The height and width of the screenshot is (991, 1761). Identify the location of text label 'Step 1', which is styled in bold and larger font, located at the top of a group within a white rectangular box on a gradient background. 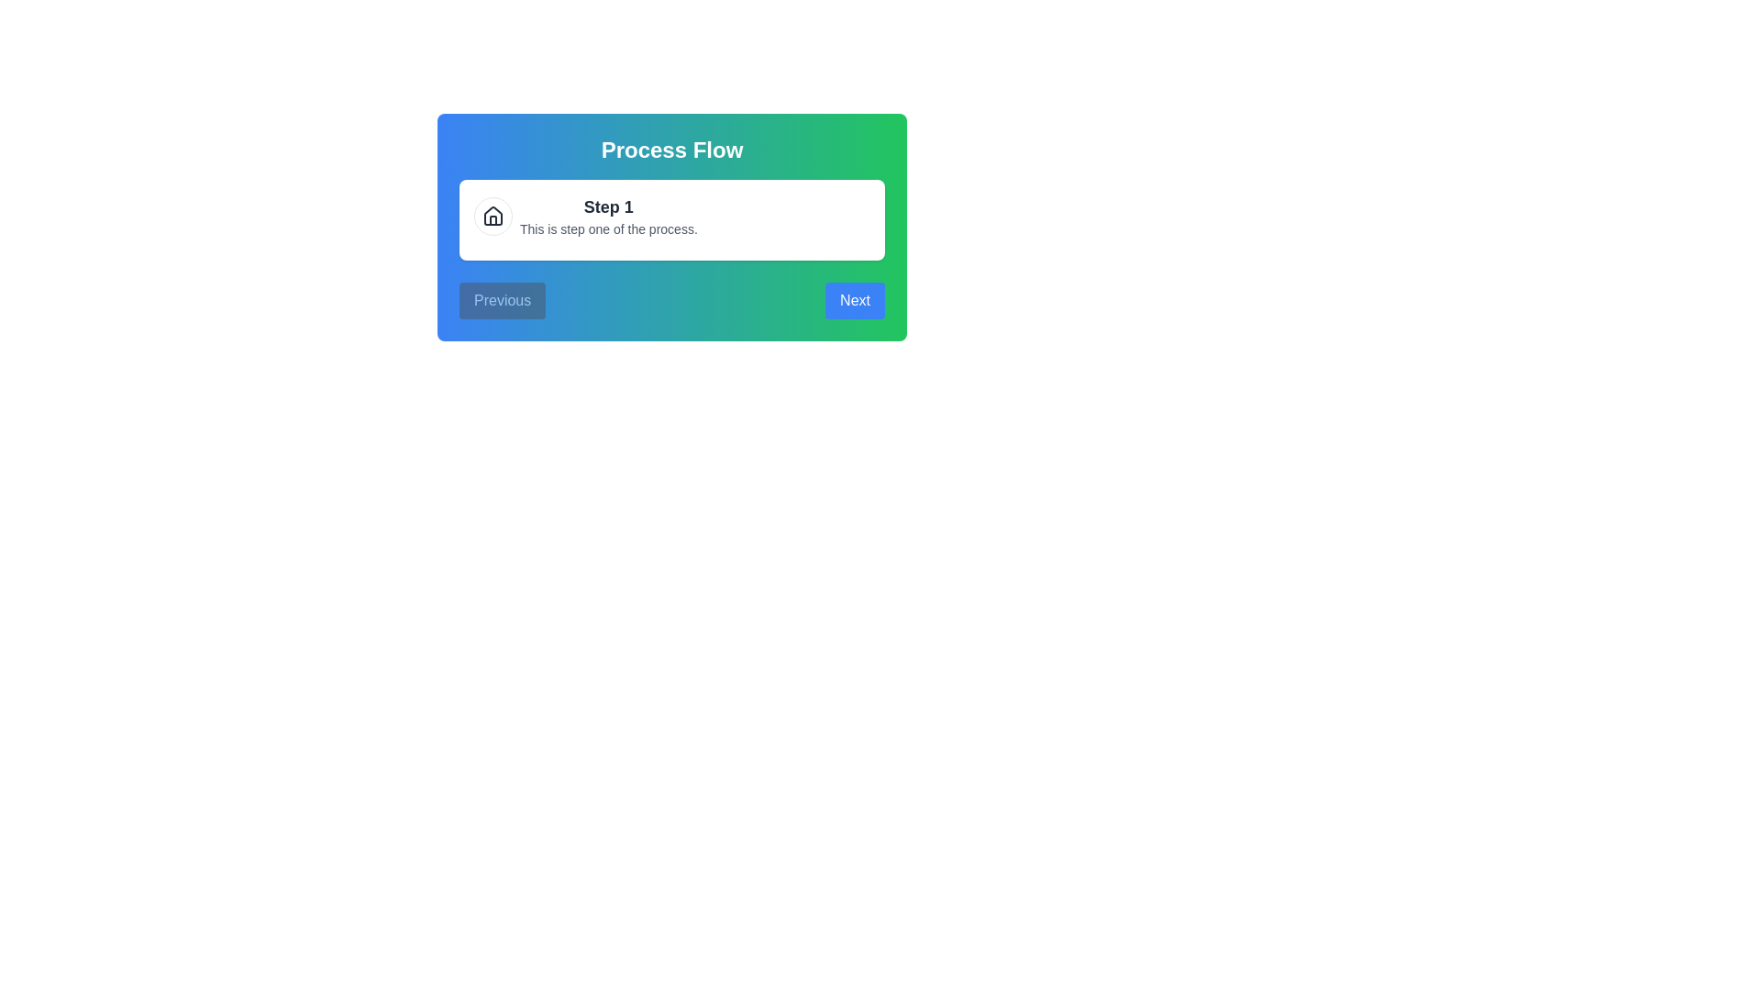
(608, 206).